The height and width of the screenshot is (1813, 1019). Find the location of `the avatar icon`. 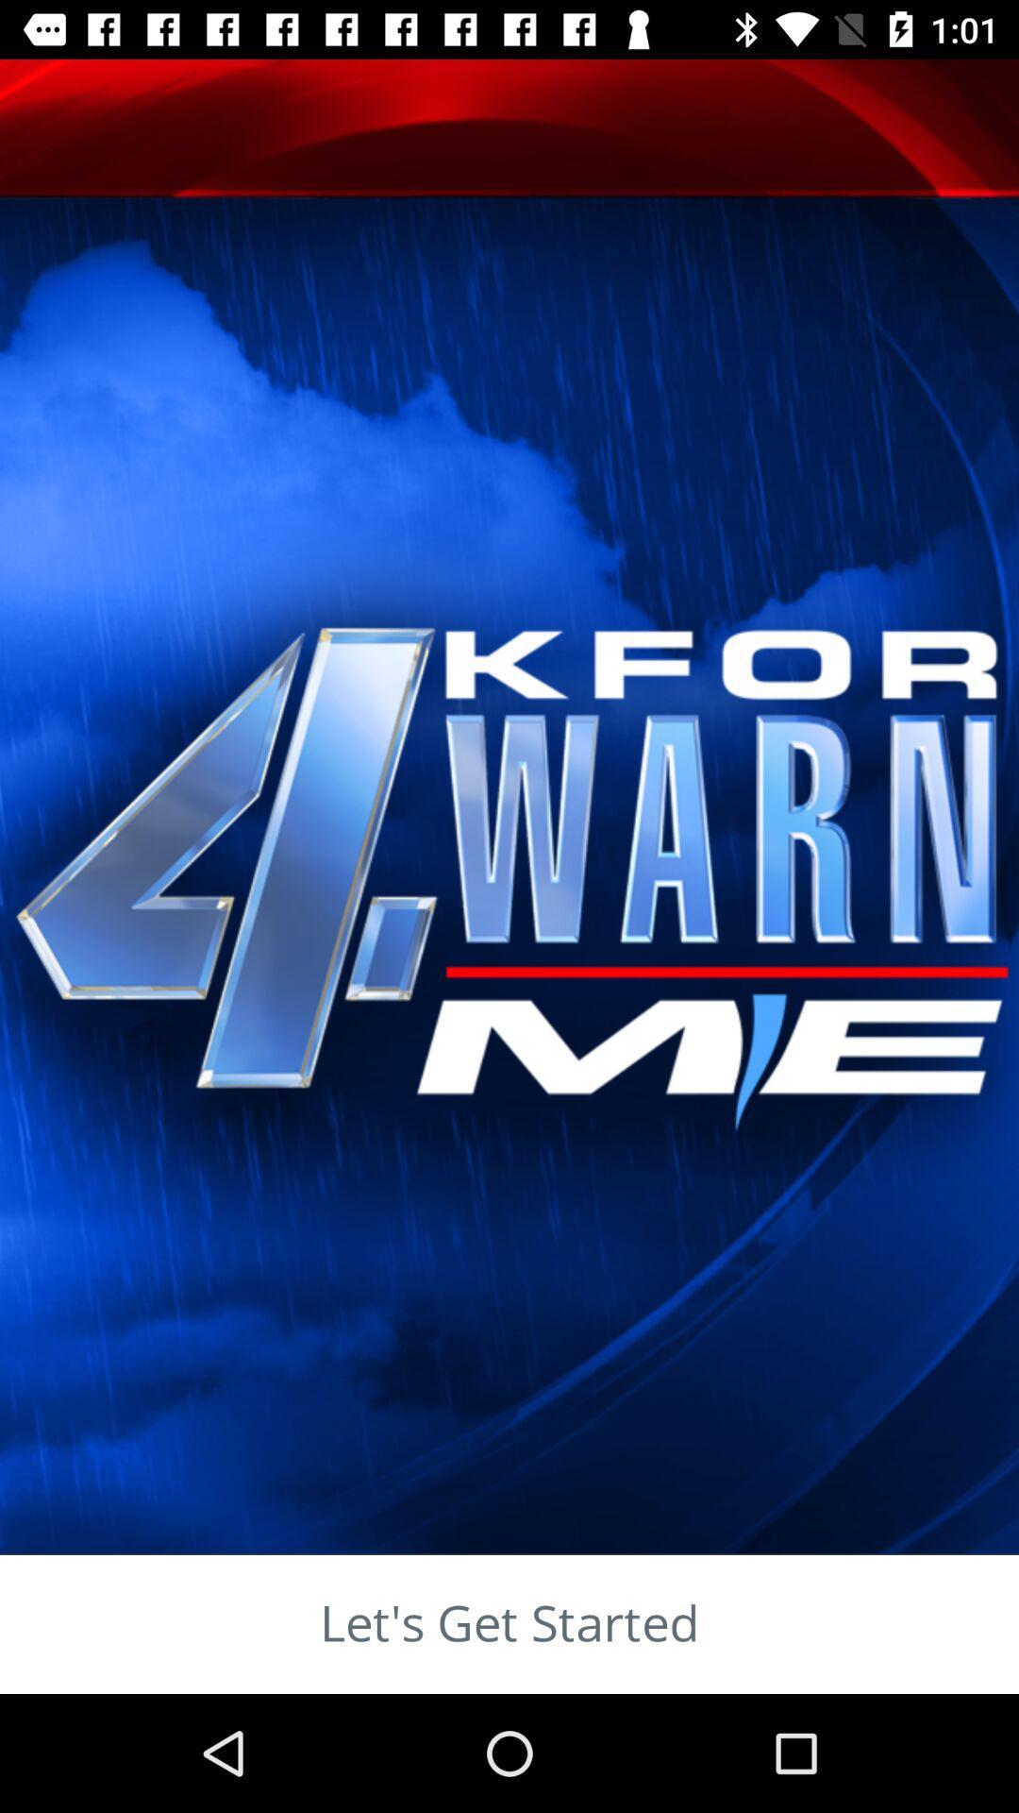

the avatar icon is located at coordinates (124, 227).